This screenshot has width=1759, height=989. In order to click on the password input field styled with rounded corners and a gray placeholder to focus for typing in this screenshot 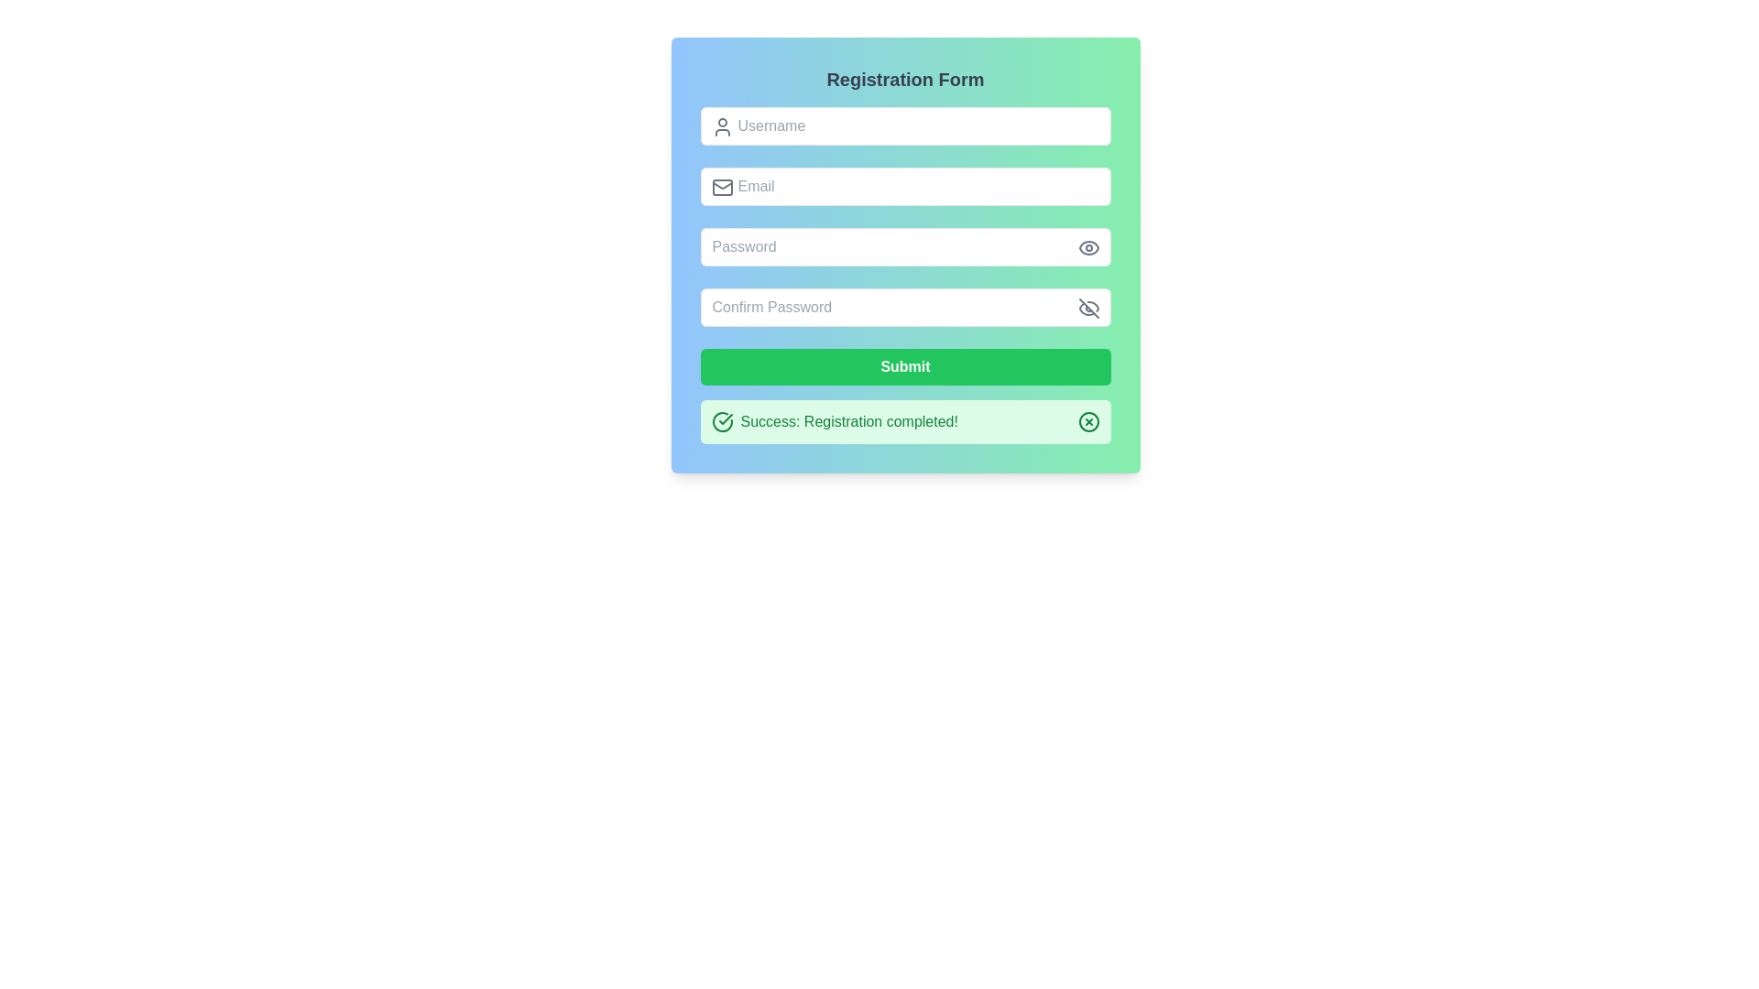, I will do `click(905, 247)`.